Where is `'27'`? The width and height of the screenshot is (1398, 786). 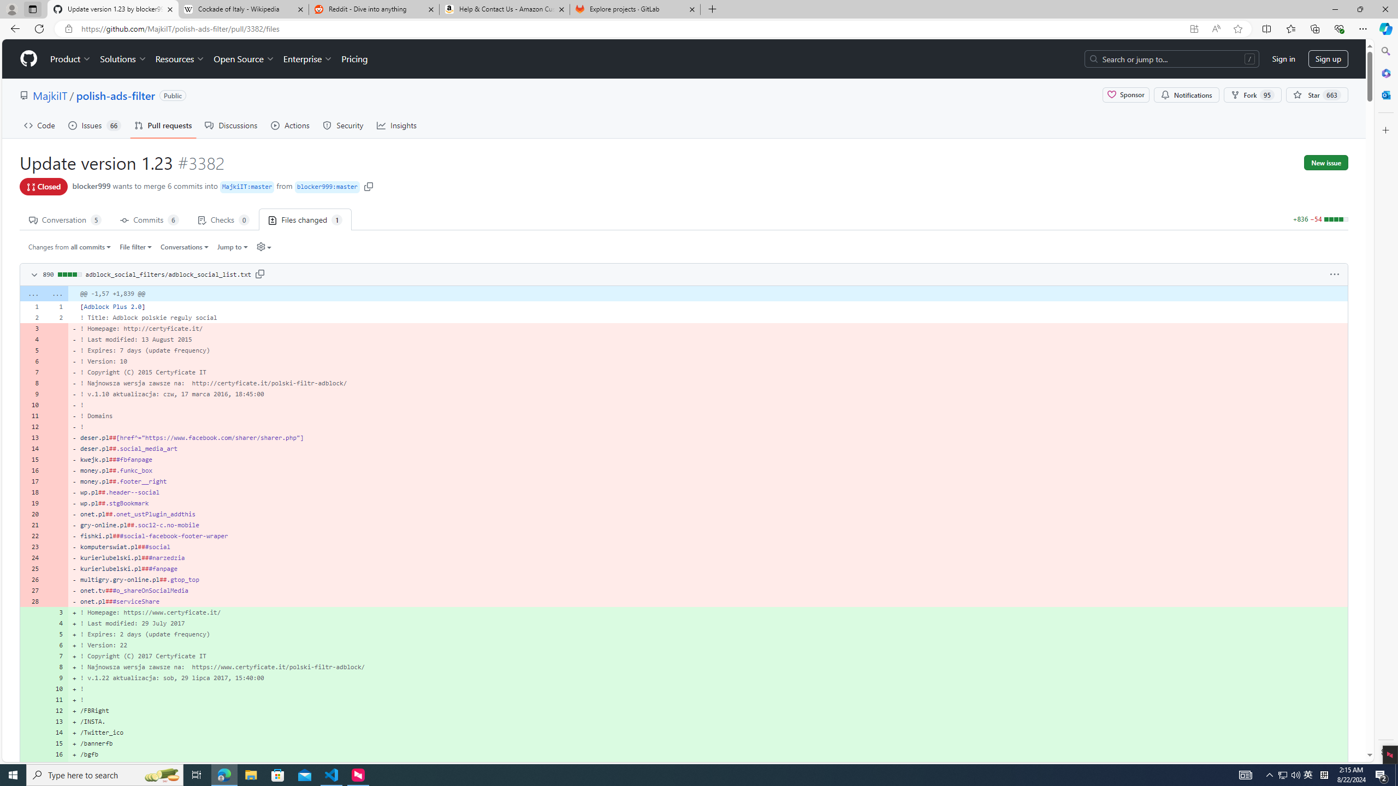
'27' is located at coordinates (31, 589).